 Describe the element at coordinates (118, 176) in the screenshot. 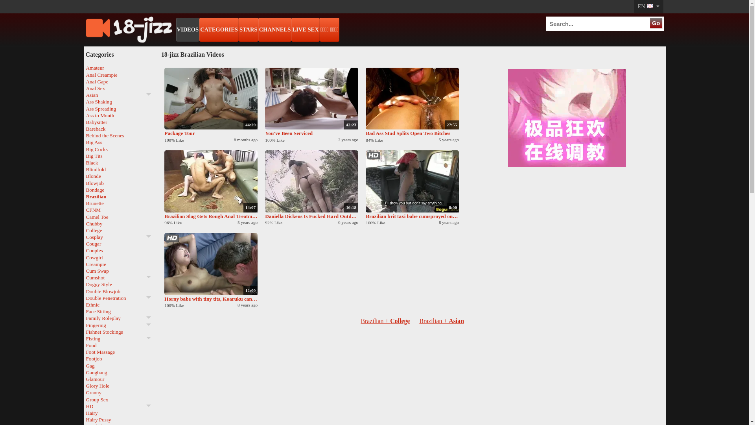

I see `'Blonde'` at that location.